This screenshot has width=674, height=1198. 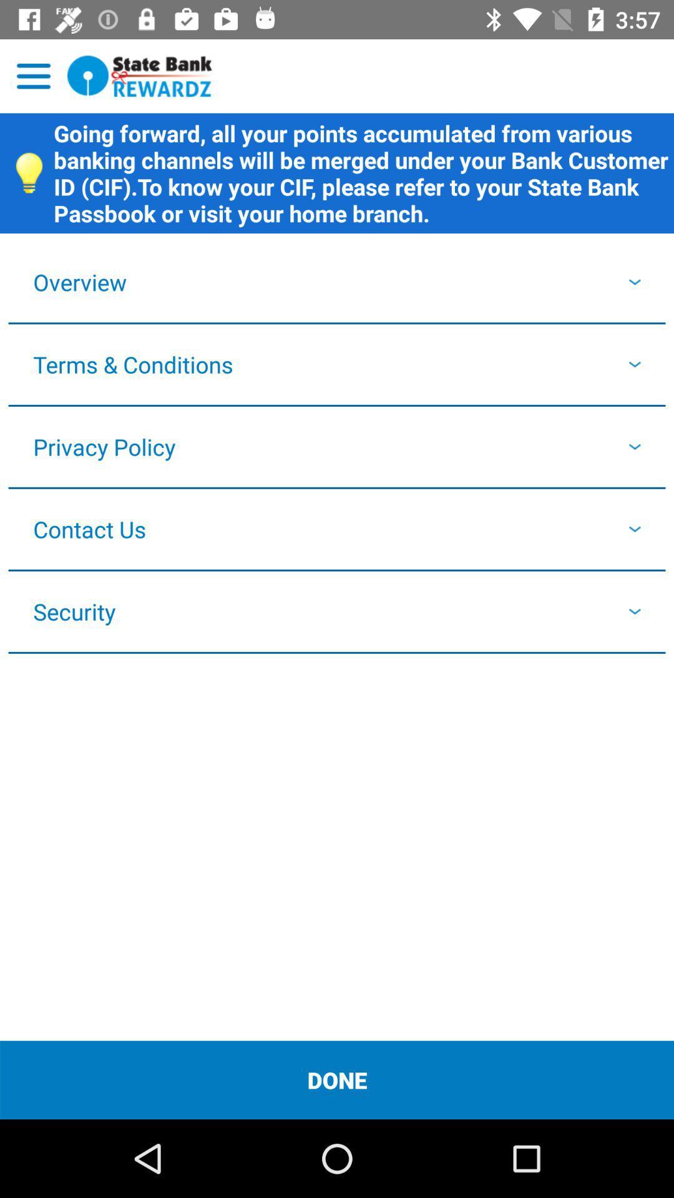 I want to click on name of the bank, so click(x=140, y=75).